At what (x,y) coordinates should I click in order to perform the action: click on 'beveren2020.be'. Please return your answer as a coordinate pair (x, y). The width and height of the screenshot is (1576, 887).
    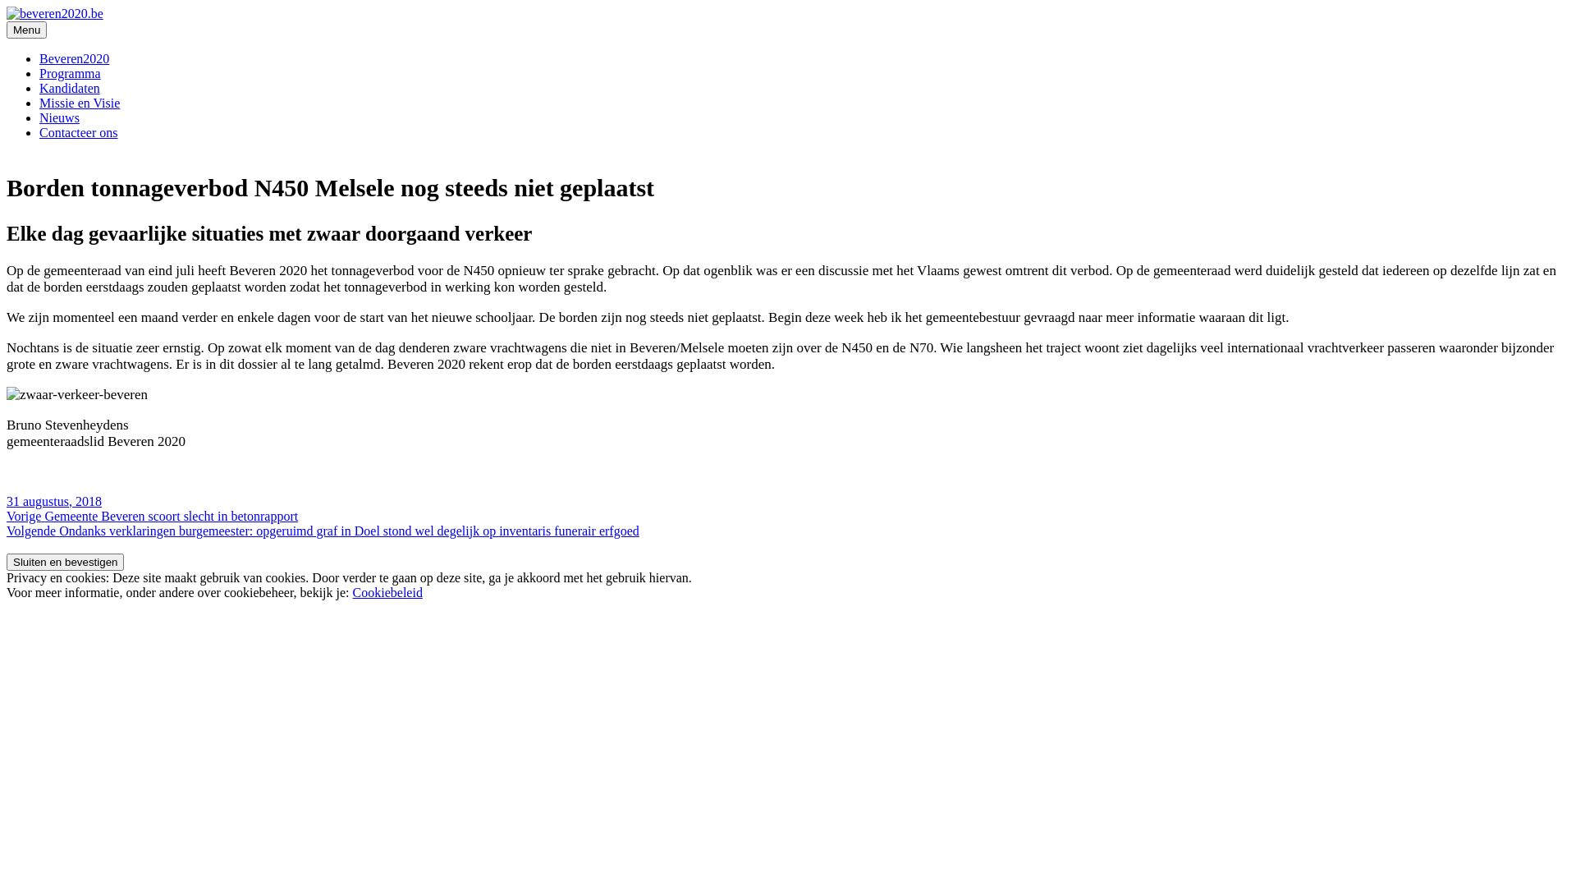
    Looking at the image, I should click on (48, 40).